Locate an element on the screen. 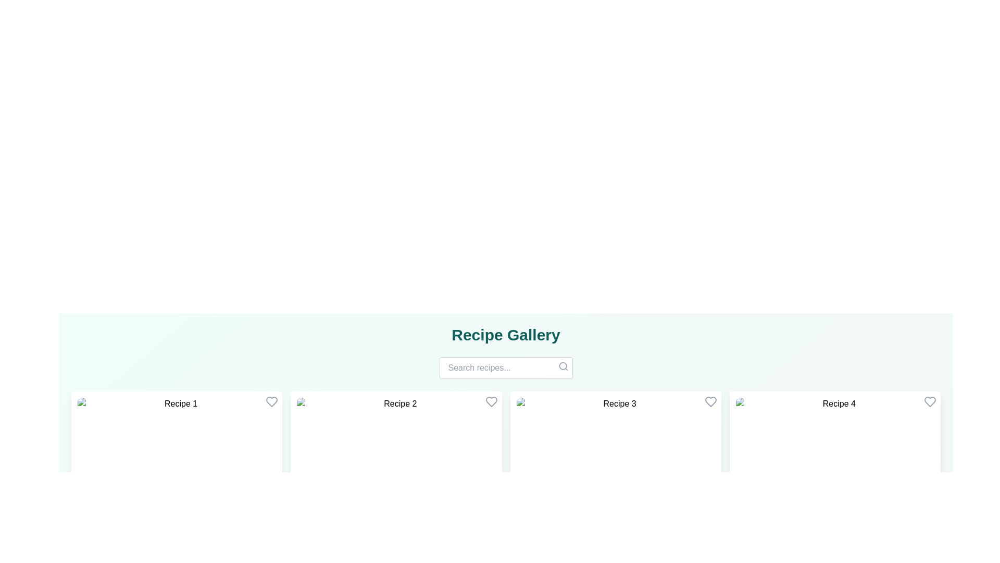  the magnifying glass icon representing the search function, which is located in the right section of the search input field with the placeholder 'Search recipes...' is located at coordinates (562, 365).